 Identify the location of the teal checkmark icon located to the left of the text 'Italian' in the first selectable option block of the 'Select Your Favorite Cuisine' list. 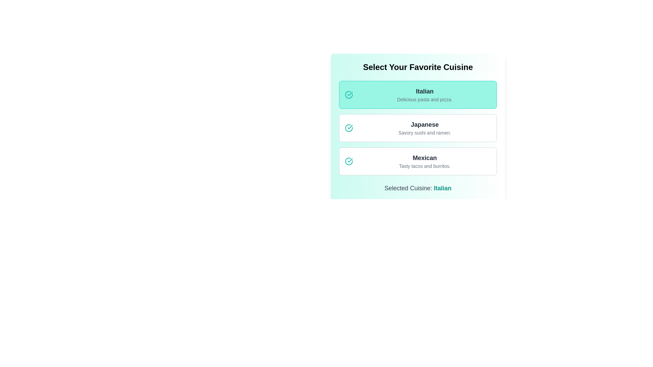
(349, 94).